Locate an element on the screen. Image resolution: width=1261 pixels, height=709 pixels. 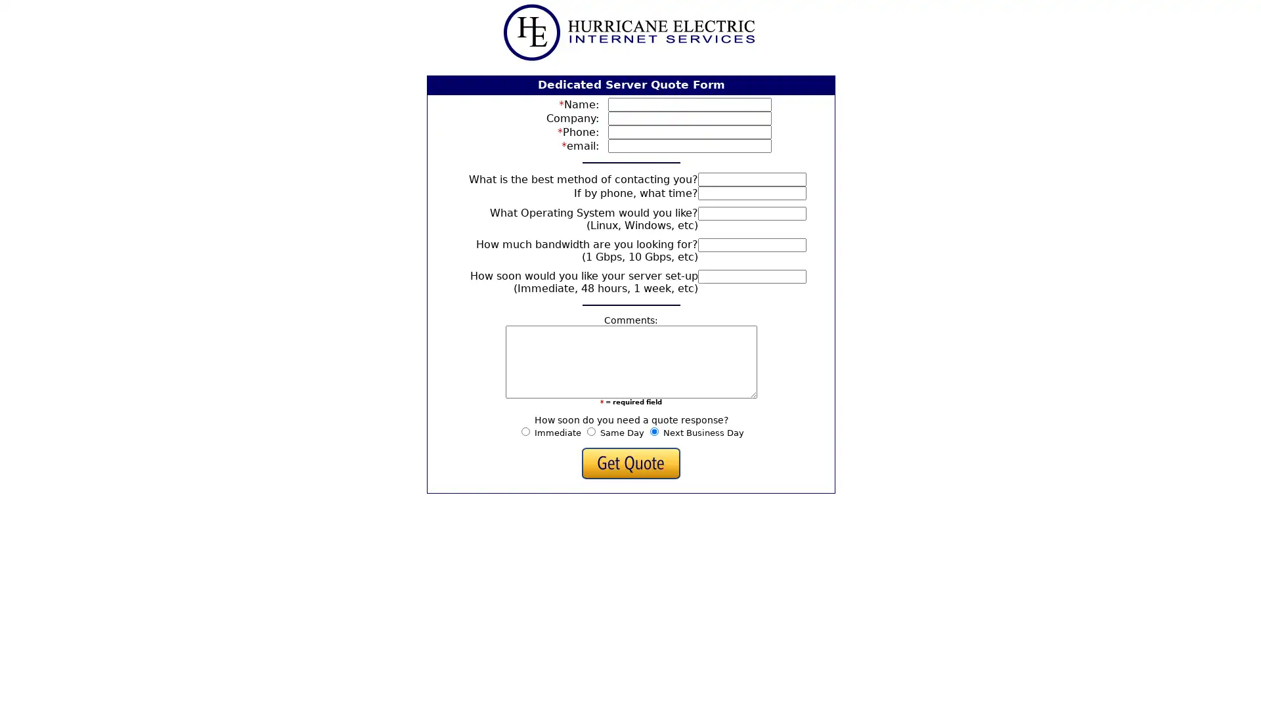
Get Quote is located at coordinates (630, 462).